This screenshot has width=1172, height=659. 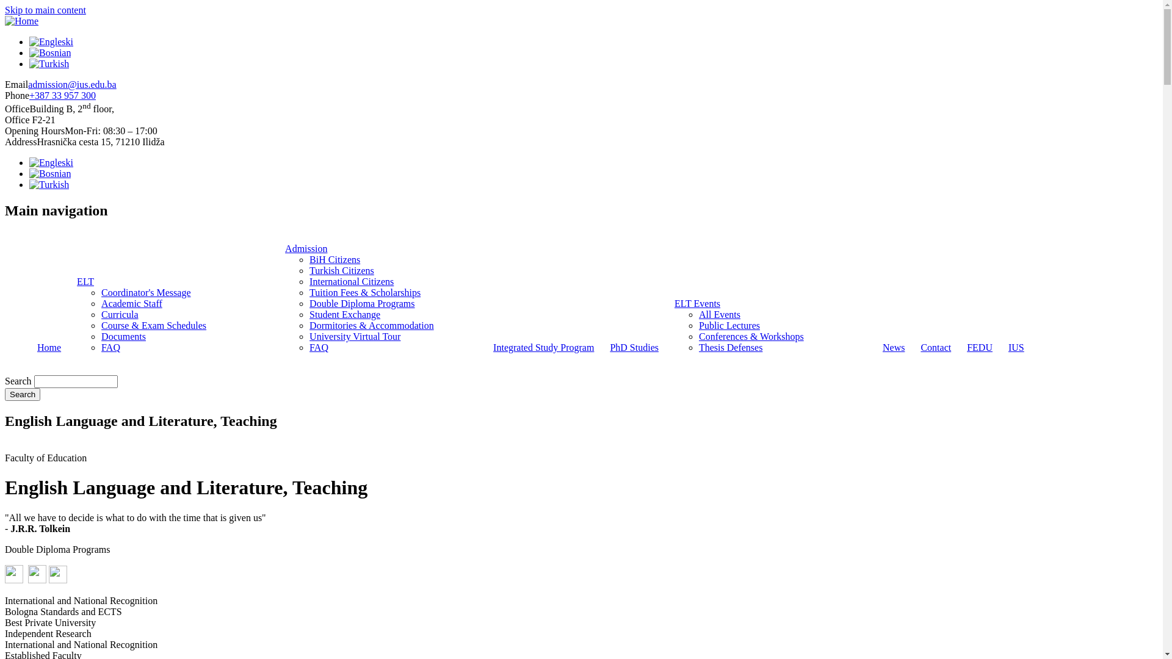 What do you see at coordinates (123, 336) in the screenshot?
I see `'Documents'` at bounding box center [123, 336].